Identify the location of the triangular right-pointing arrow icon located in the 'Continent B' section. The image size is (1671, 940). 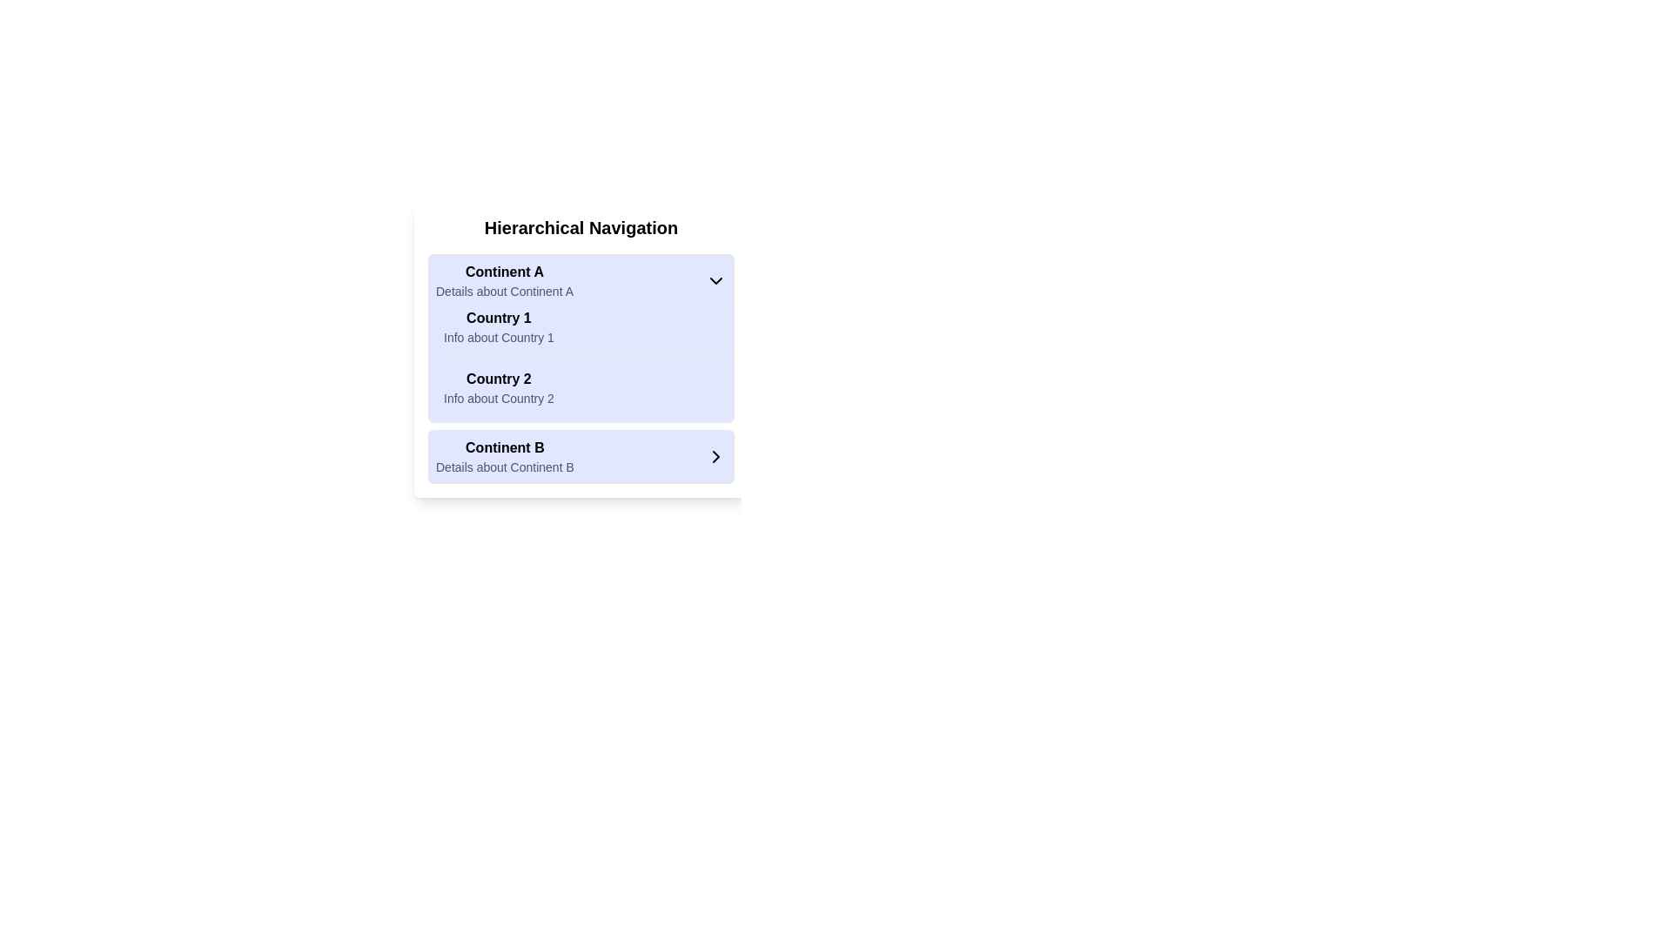
(715, 455).